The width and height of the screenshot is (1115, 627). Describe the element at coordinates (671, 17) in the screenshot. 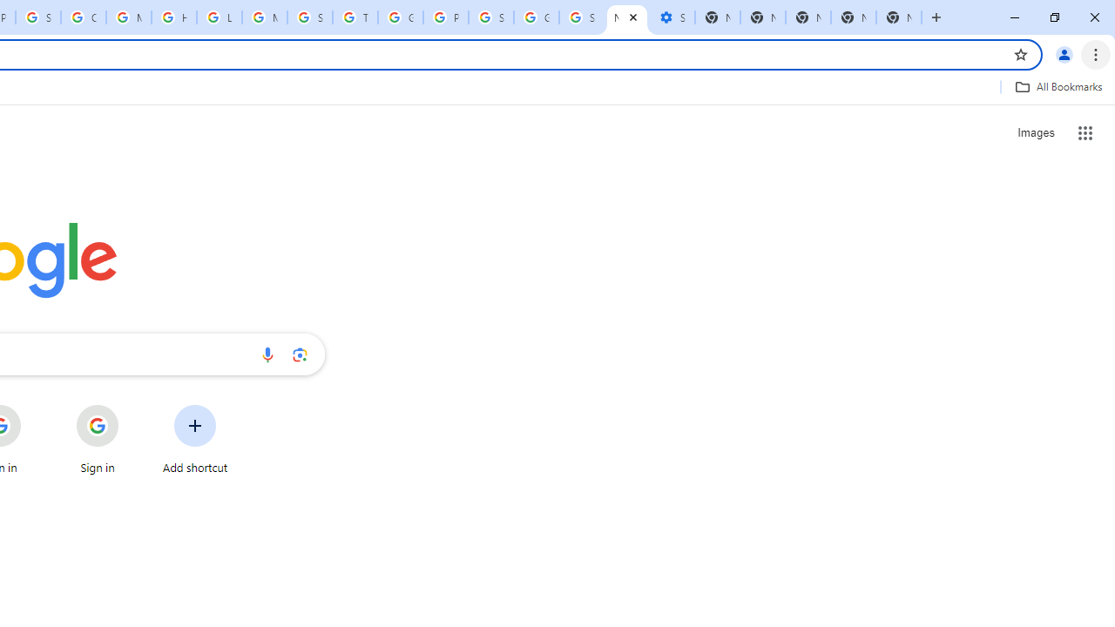

I see `'Settings - Performance'` at that location.